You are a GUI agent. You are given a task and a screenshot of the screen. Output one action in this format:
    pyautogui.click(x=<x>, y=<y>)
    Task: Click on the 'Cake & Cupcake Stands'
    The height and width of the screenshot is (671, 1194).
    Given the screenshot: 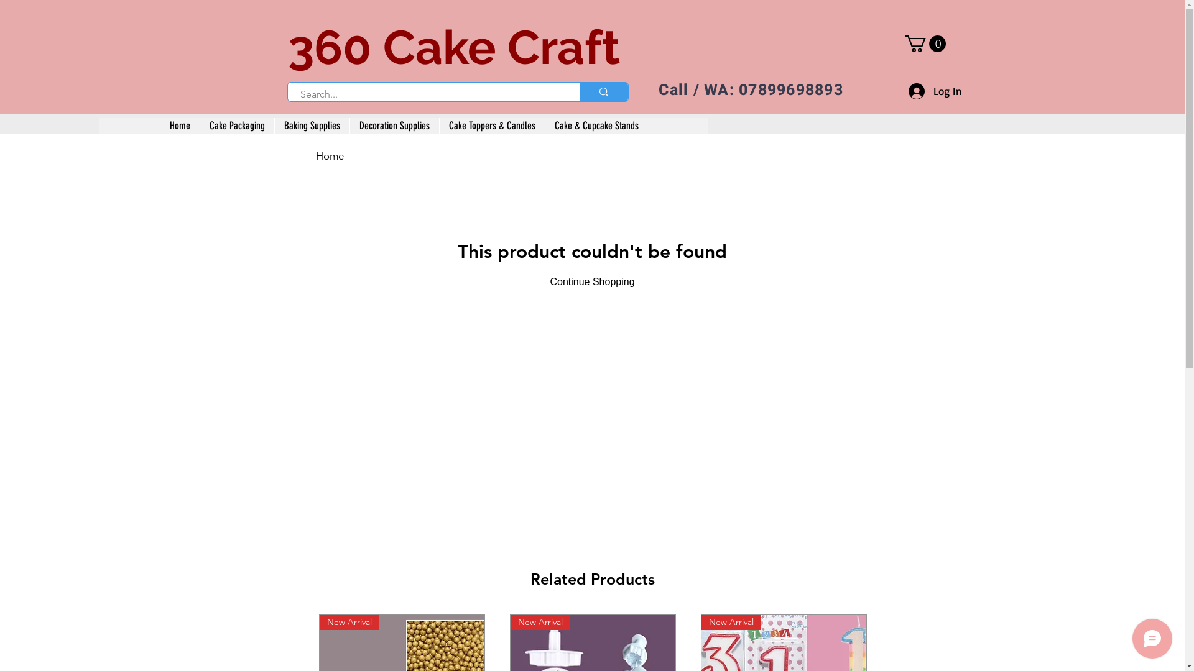 What is the action you would take?
    pyautogui.click(x=544, y=126)
    